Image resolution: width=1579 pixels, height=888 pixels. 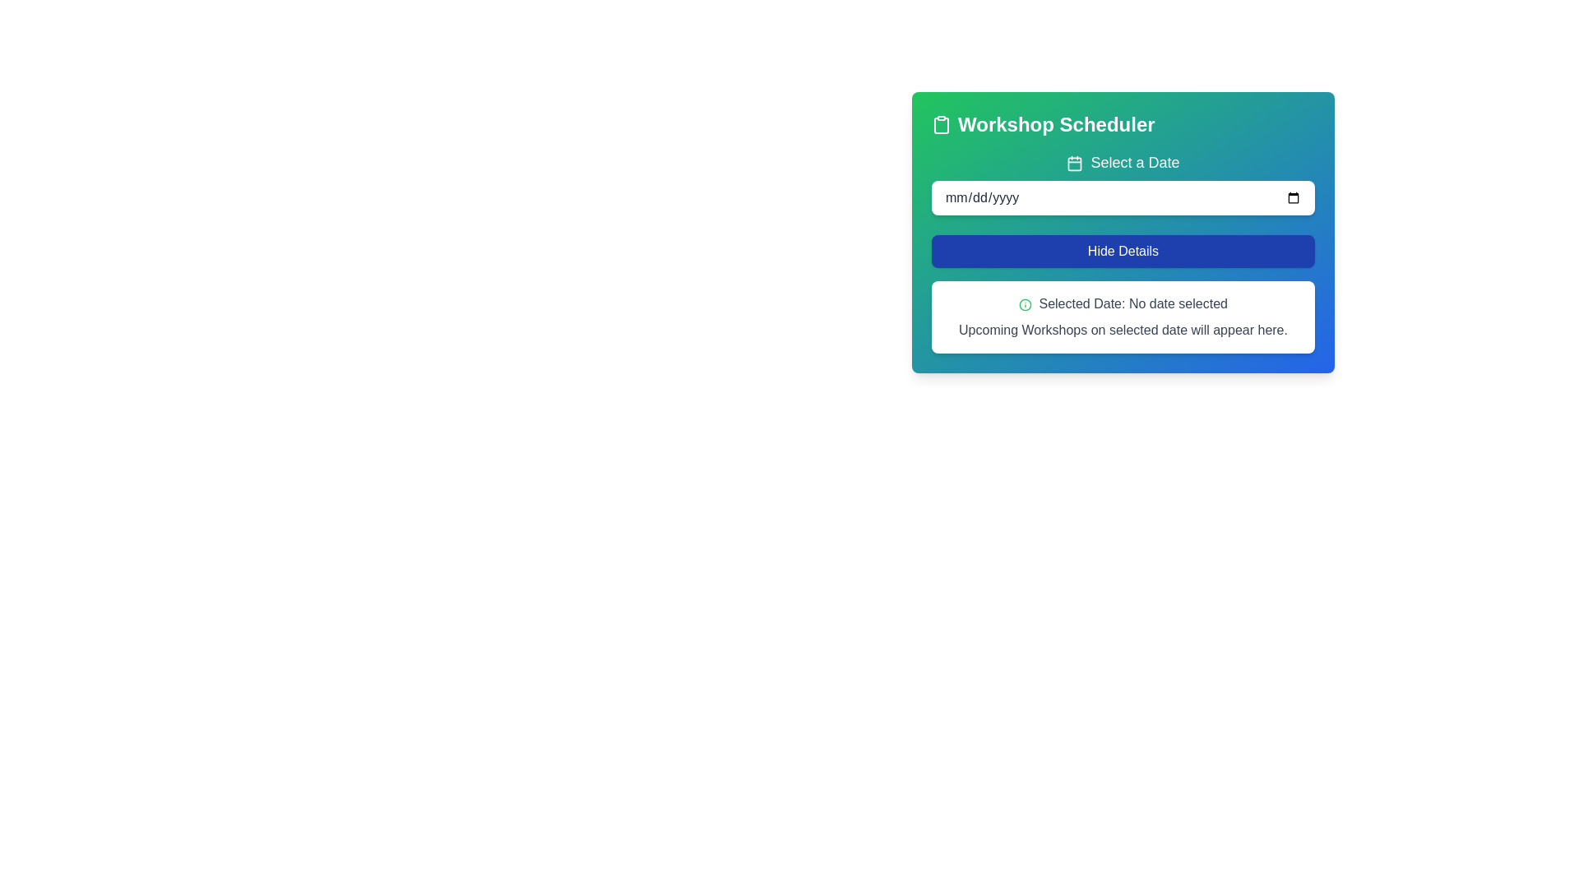 What do you see at coordinates (1123, 251) in the screenshot?
I see `the 'Hide Details' button with a blue background and white text, located in the 'Workshop Scheduler' panel, to hide details` at bounding box center [1123, 251].